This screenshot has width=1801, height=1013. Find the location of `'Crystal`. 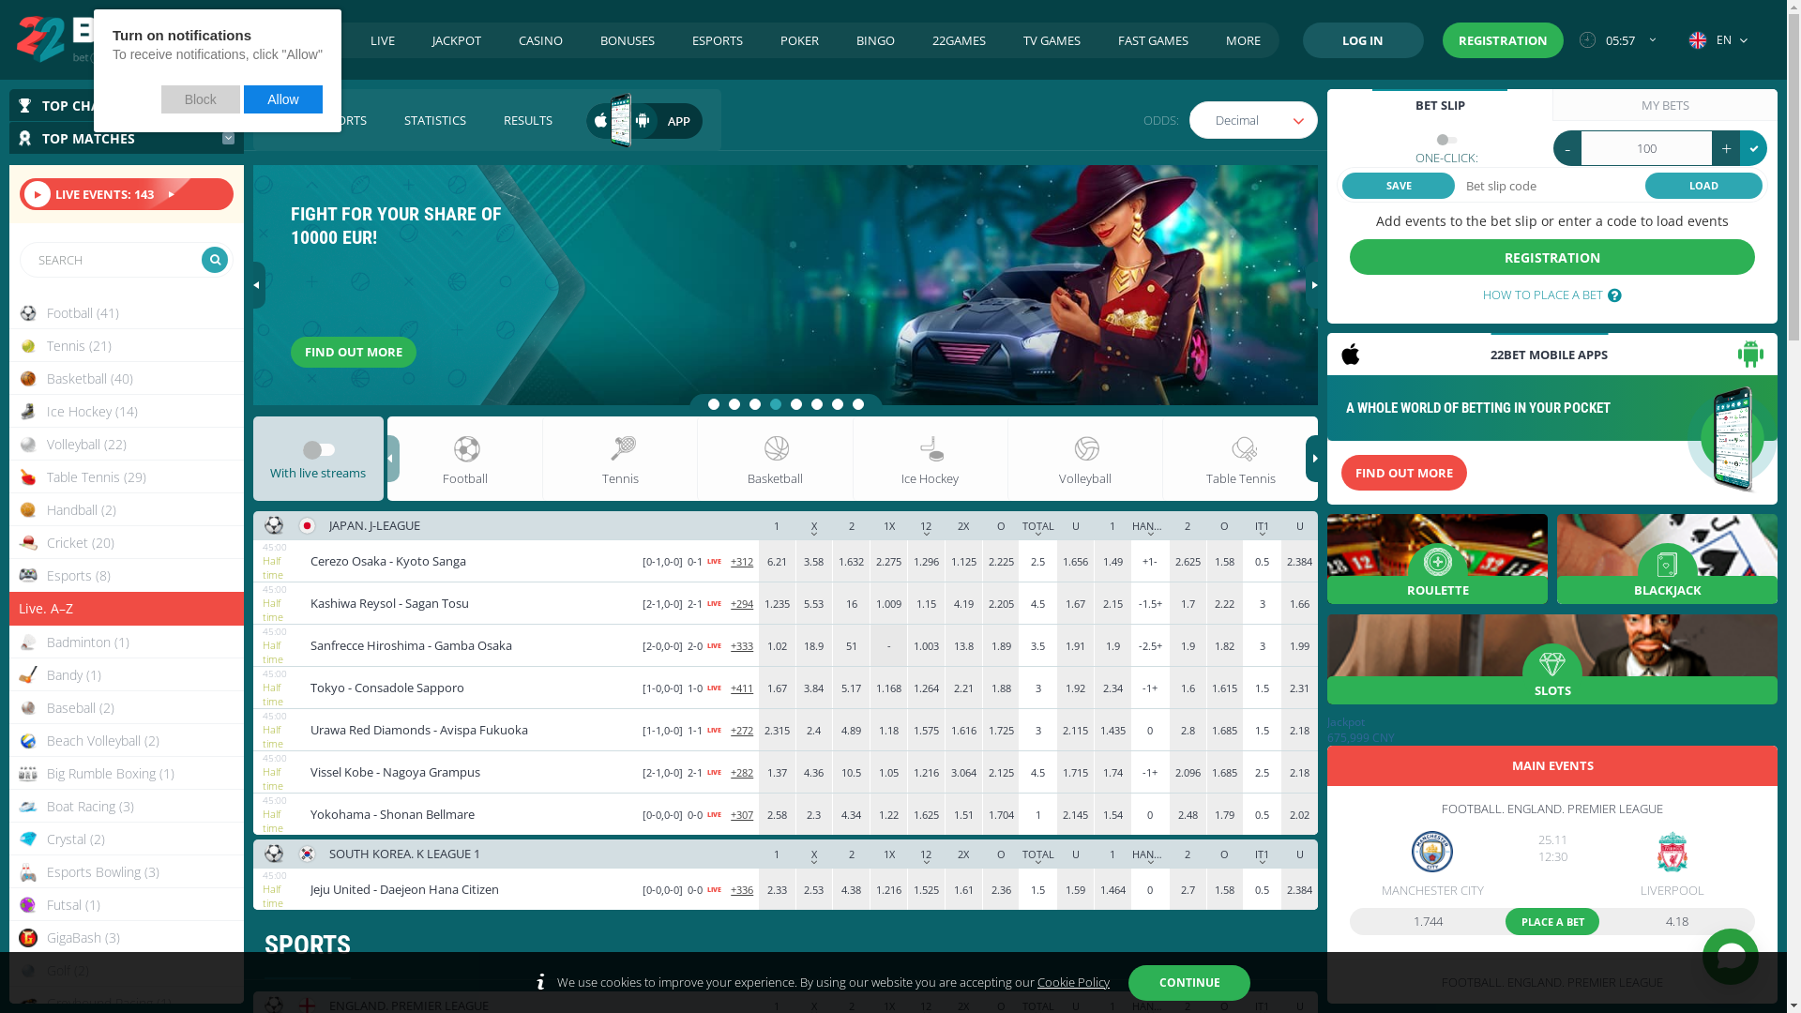

'Crystal is located at coordinates (8, 838).